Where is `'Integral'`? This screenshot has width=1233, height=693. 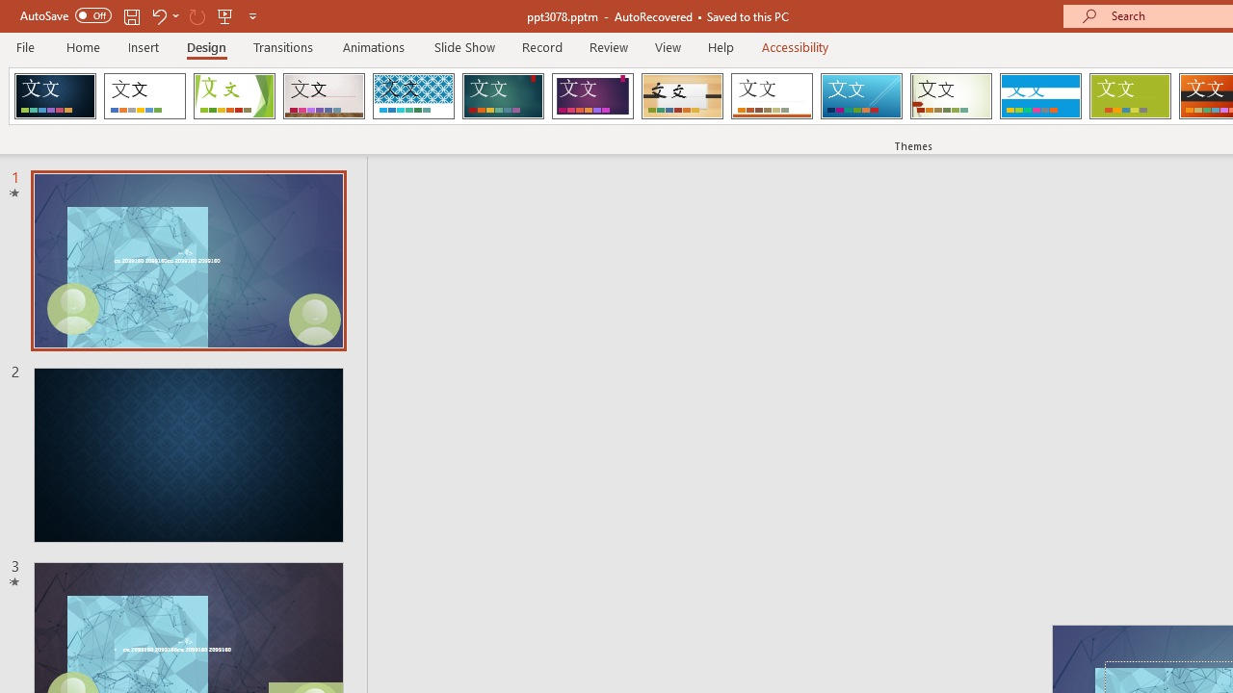 'Integral' is located at coordinates (412, 96).